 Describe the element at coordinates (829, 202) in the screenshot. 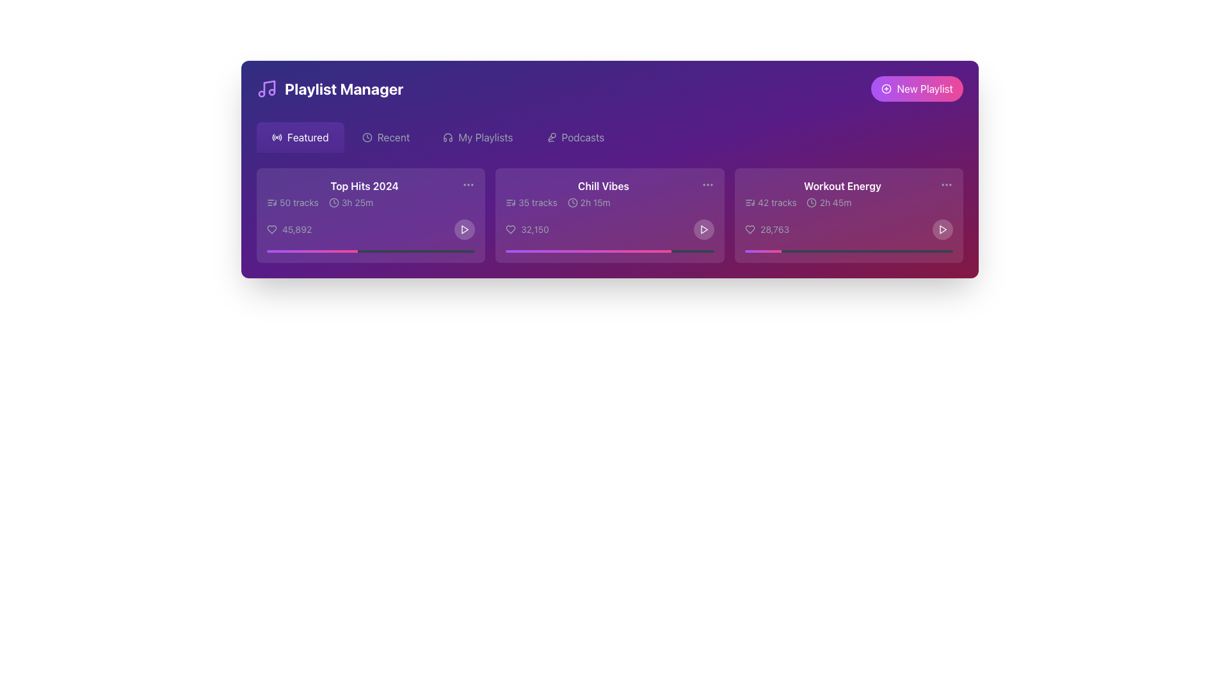

I see `the Duration label with a clock icon and text '2h 45m'` at that location.